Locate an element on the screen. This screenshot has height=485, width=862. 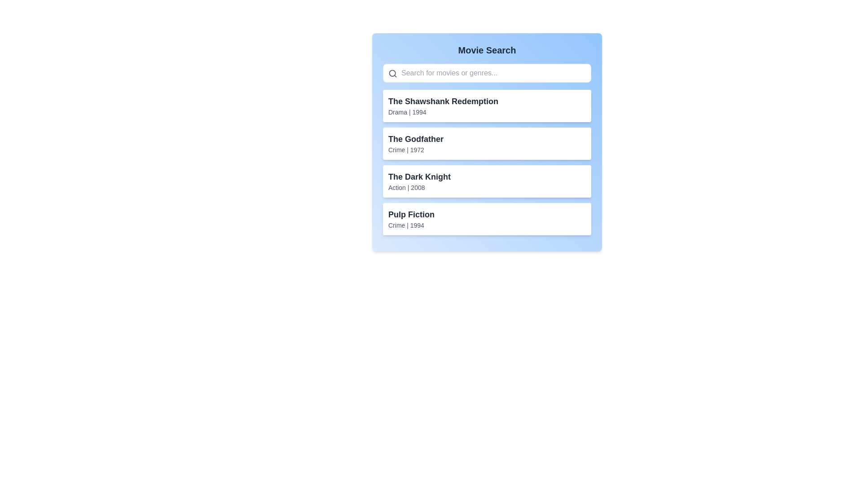
the text label displaying 'The Godfather', which is styled in bold, large font and located in the second row of a movie list, positioned between 'The Shawshank Redemption' and 'The Dark Knight' is located at coordinates (415, 139).